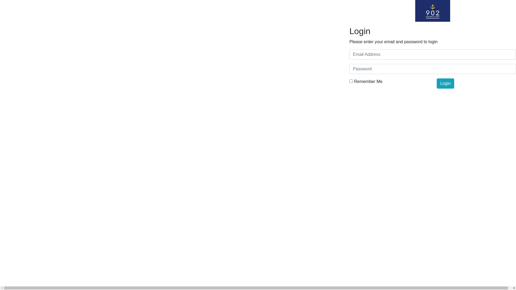  I want to click on 'Login', so click(437, 84).